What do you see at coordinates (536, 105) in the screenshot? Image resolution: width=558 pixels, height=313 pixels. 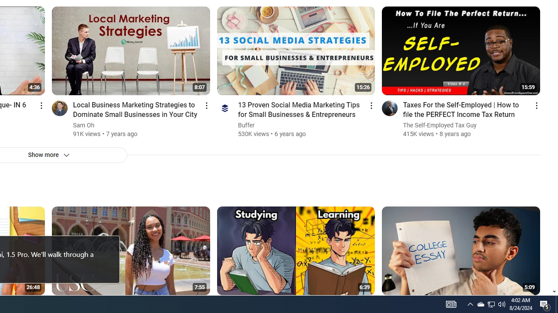 I see `'Action menu'` at bounding box center [536, 105].